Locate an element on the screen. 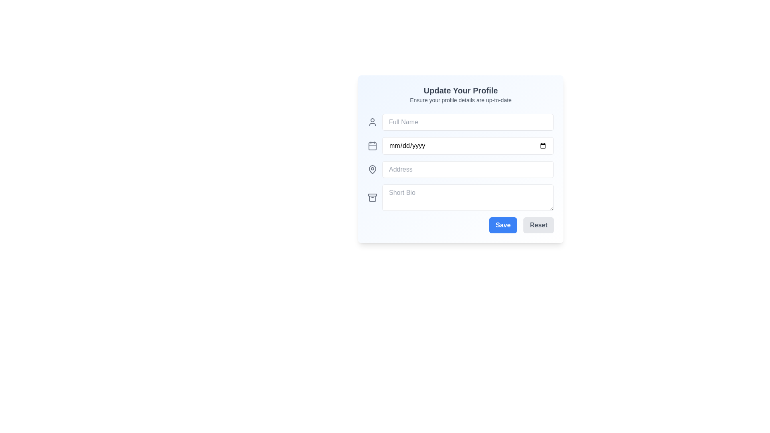 The height and width of the screenshot is (433, 770). the informational header that says 'Update Your Profile' which is bold and larger, located at the top of a card-like section is located at coordinates (460, 94).